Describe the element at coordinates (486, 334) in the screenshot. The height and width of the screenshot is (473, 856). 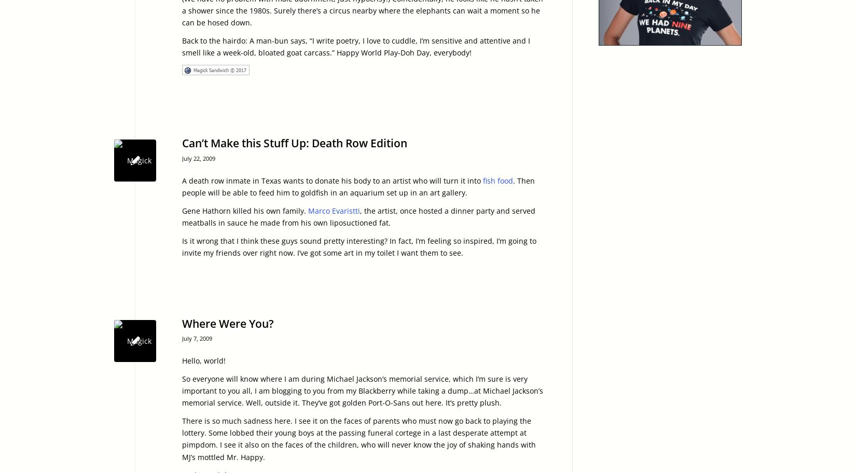
I see `'2009-07-07 21:40:00'` at that location.